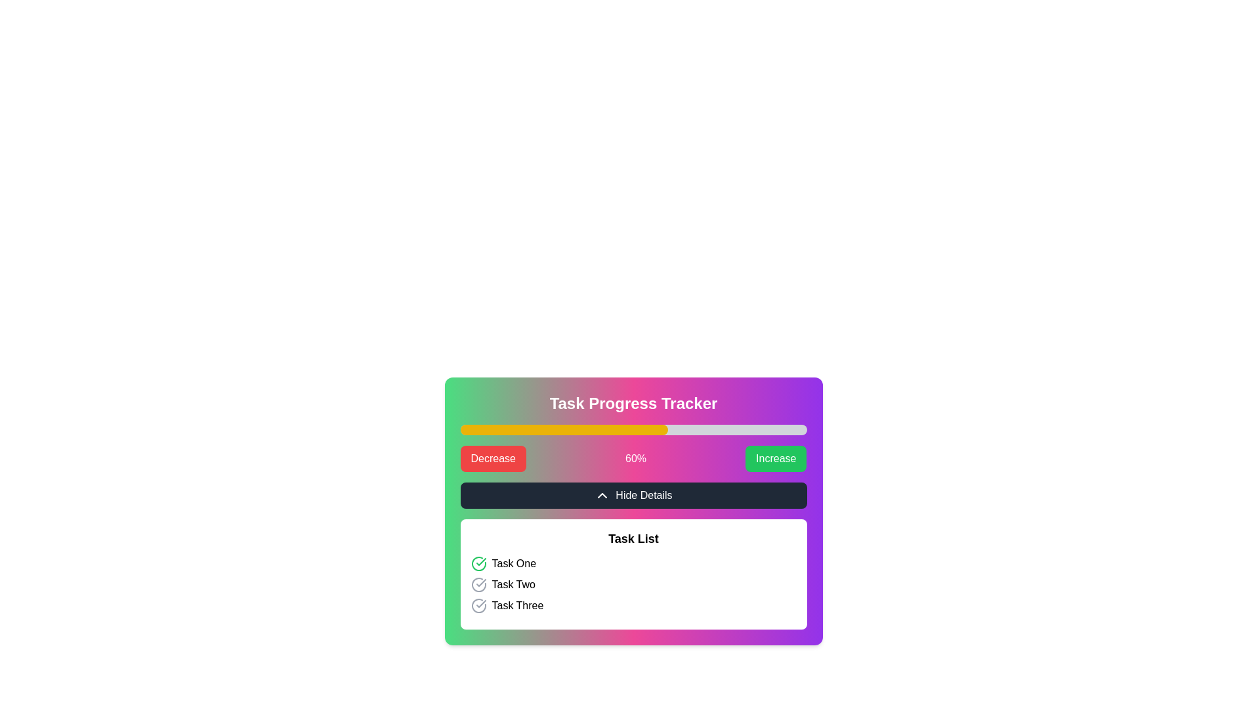 The image size is (1260, 709). Describe the element at coordinates (776, 458) in the screenshot. I see `the green 'Increase' button with rounded edges` at that location.